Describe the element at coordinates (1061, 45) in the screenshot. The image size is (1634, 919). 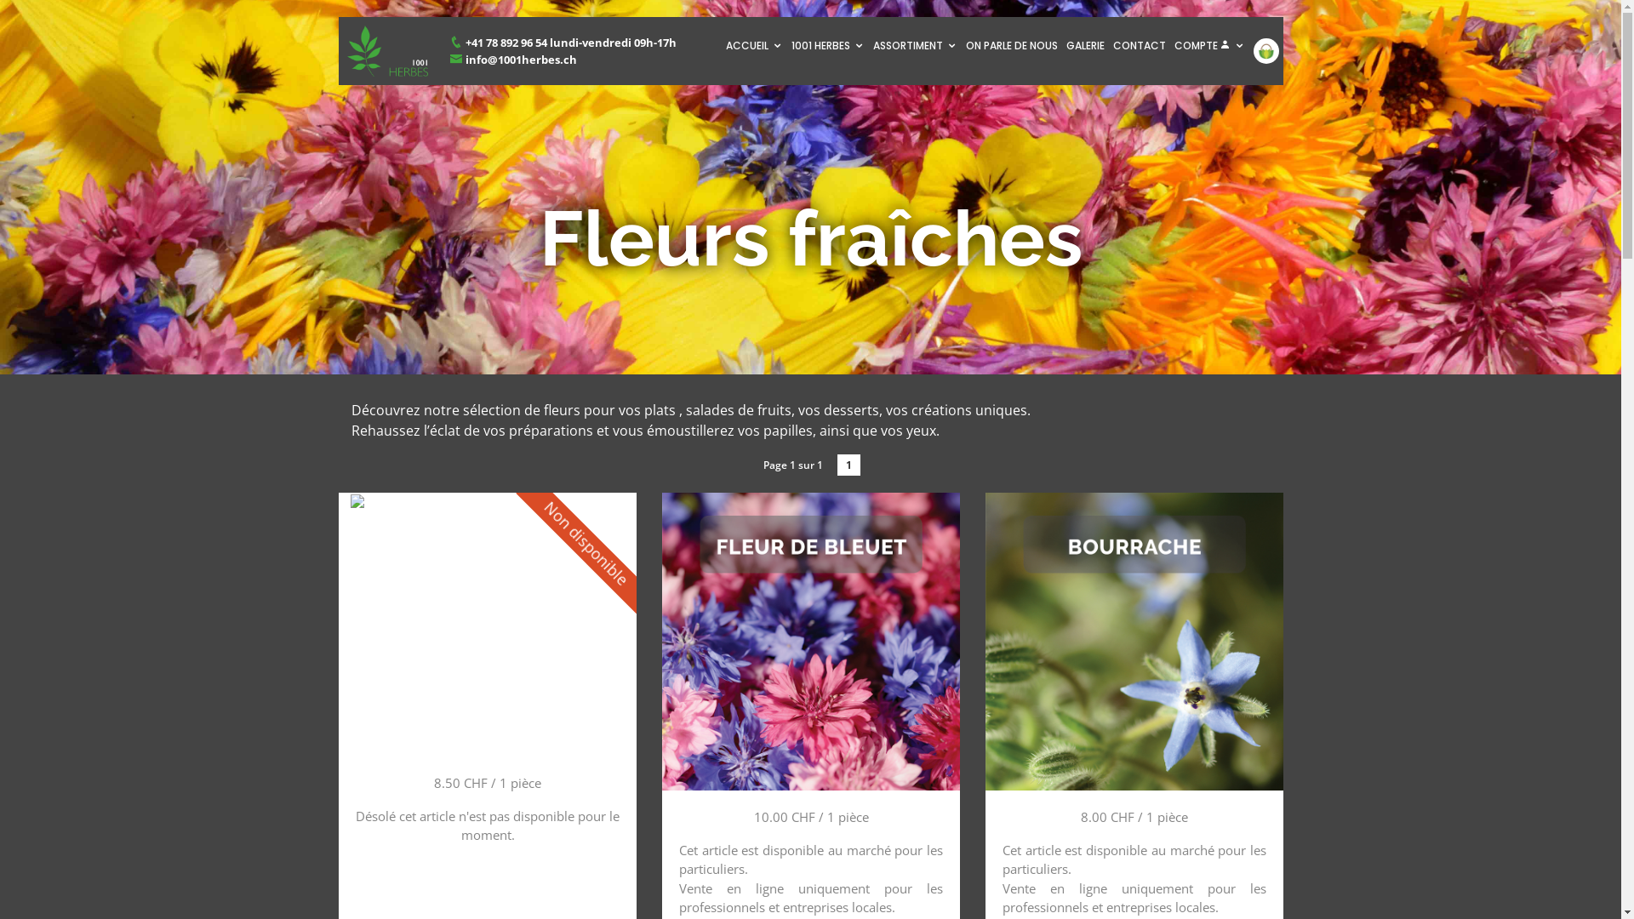
I see `'GALERIE'` at that location.